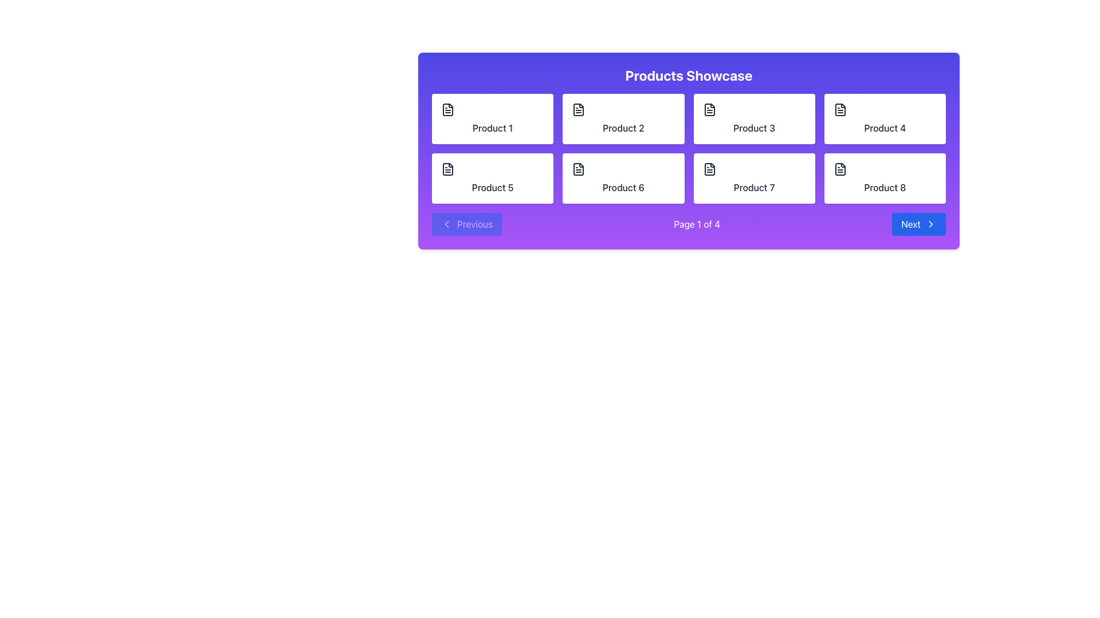 This screenshot has width=1100, height=618. Describe the element at coordinates (884, 179) in the screenshot. I see `the 'Product 8' informational card located in the bottom-right corner of the grid layout` at that location.